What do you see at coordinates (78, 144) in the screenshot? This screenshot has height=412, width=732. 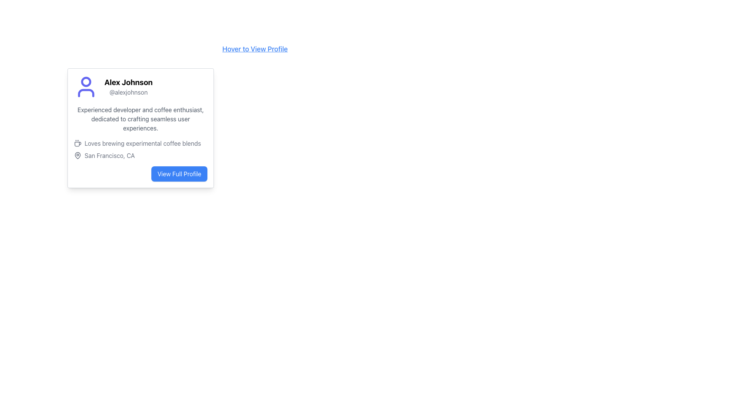 I see `the decorative coffee cup icon located to the left of the text 'Loves brewing experimental coffee blends' in the user's profile card` at bounding box center [78, 144].